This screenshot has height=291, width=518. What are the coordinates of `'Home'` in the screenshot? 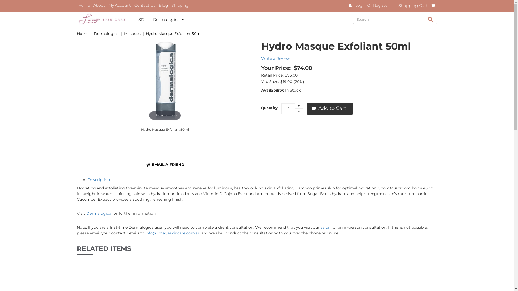 It's located at (82, 33).